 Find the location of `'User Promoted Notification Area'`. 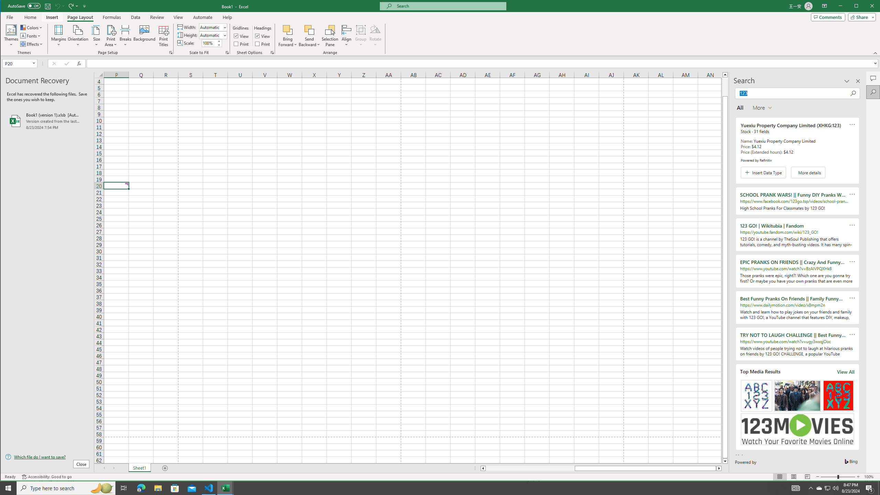

'User Promoted Notification Area' is located at coordinates (827, 487).